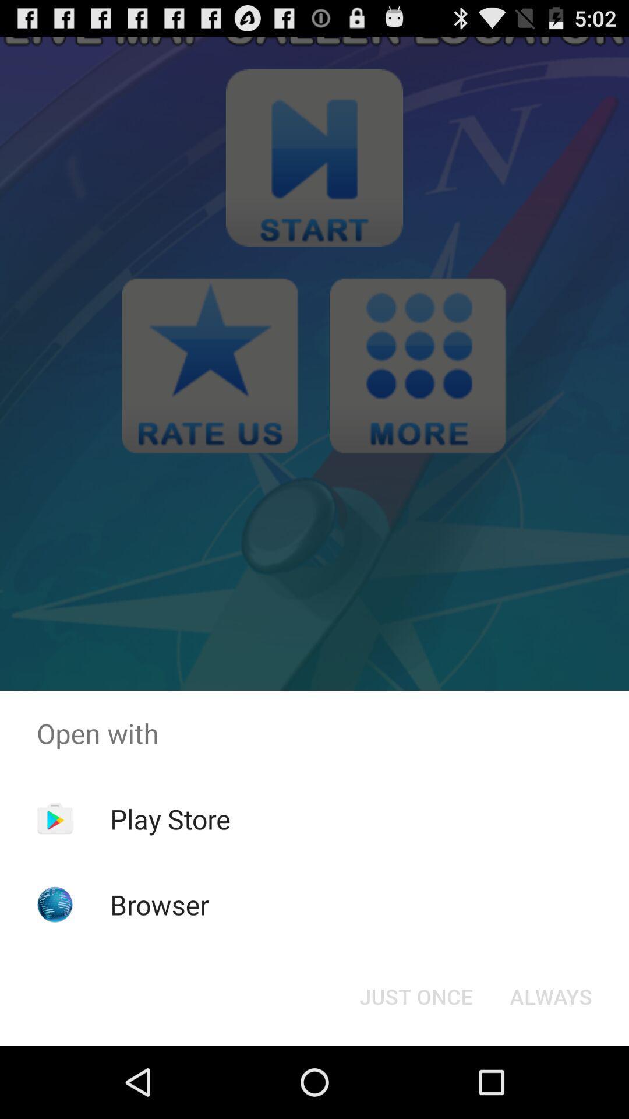  Describe the element at coordinates (550, 995) in the screenshot. I see `the button next to just once icon` at that location.